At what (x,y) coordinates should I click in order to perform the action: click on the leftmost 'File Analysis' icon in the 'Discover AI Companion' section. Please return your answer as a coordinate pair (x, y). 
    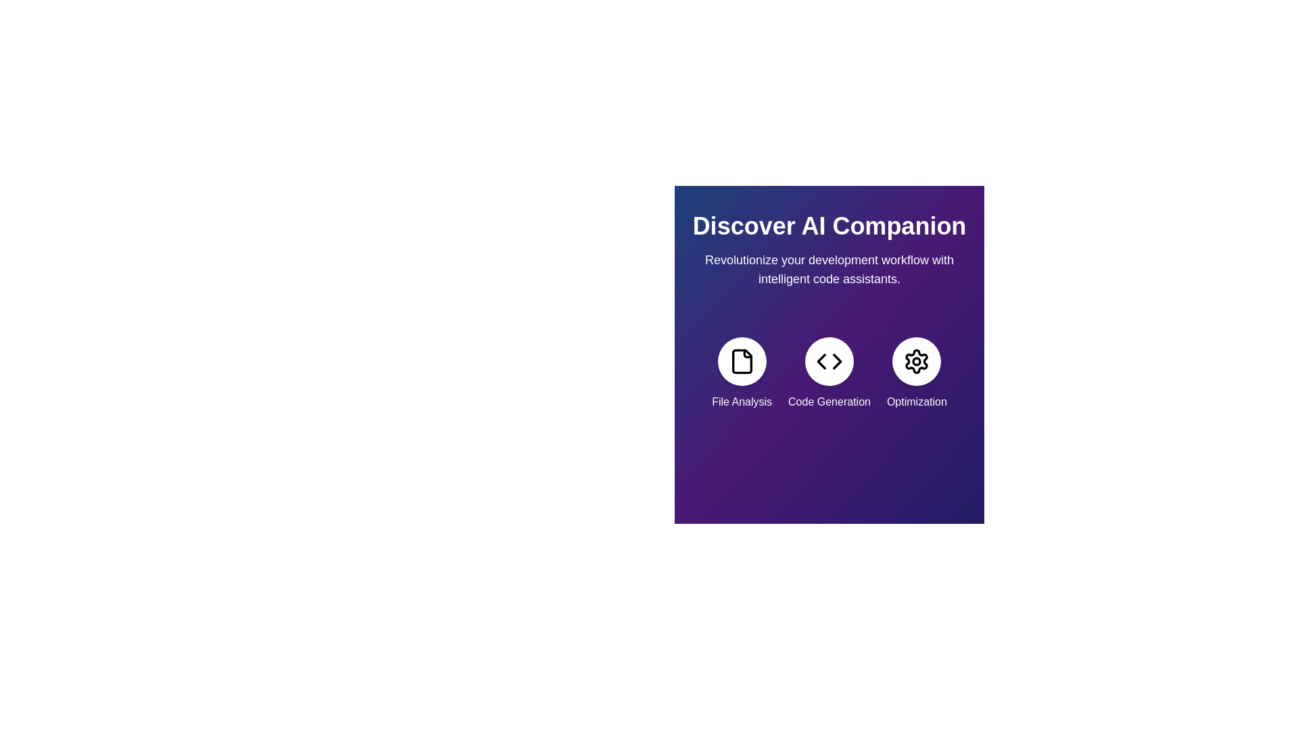
    Looking at the image, I should click on (741, 361).